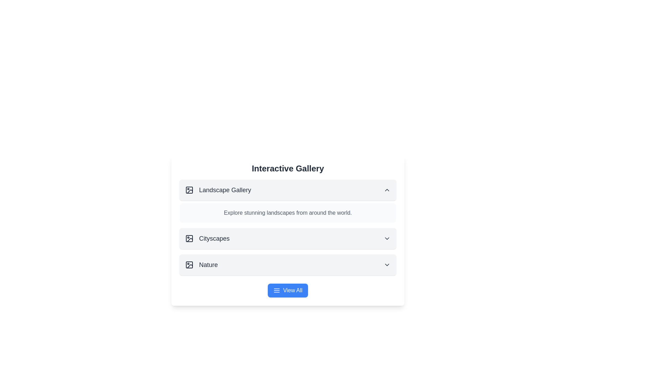 The image size is (666, 374). What do you see at coordinates (190, 192) in the screenshot?
I see `the zigzag line graphical element representing a mountain or slope, which is part of an image icon located to the left of the 'Landscape Gallery' text` at bounding box center [190, 192].